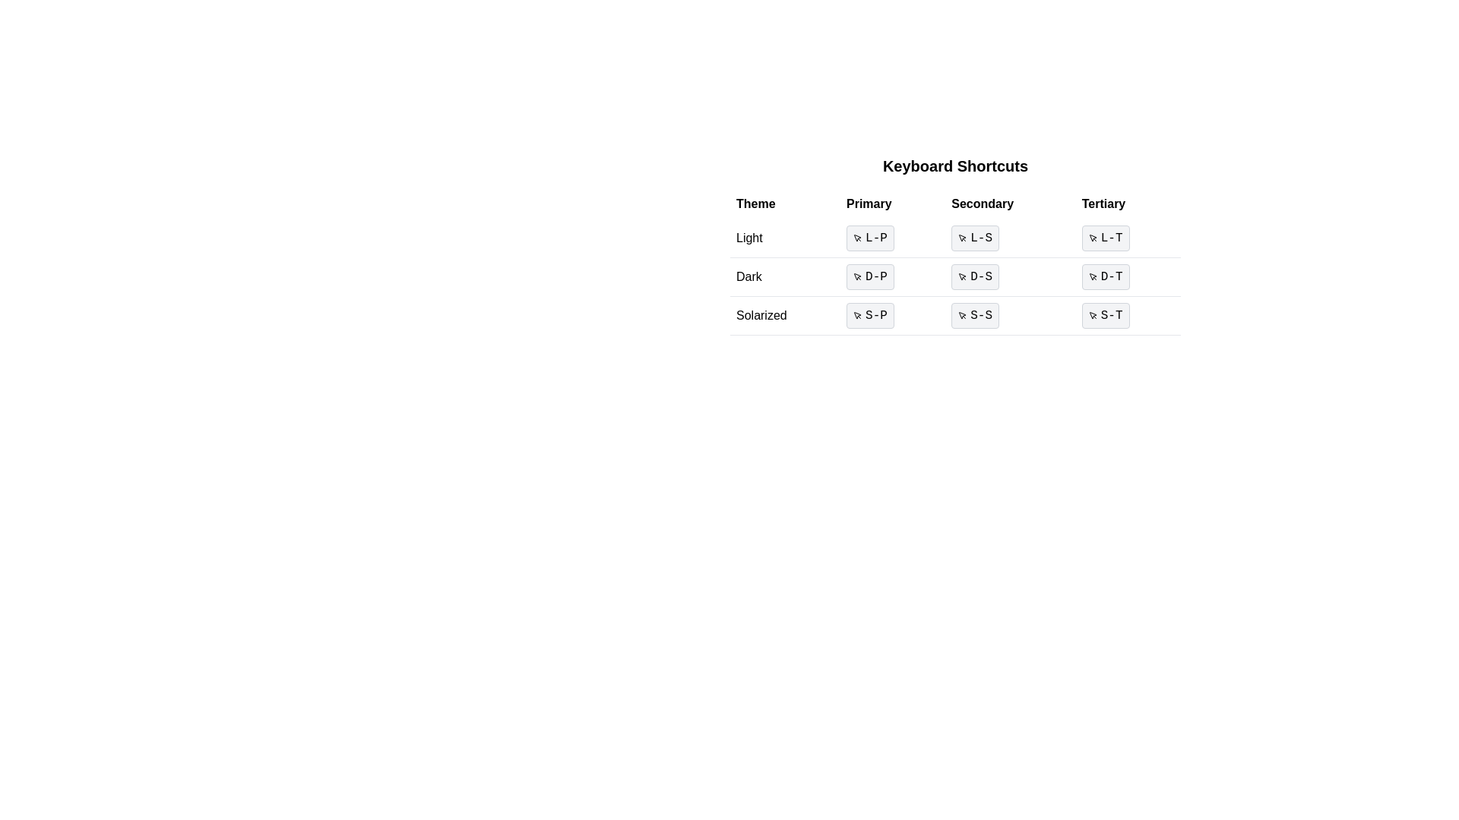 The image size is (1459, 820). Describe the element at coordinates (876, 277) in the screenshot. I see `the text label displaying 'D-P', which represents the shortcut key for the 'Dark' theme in the 'Primary' column of the keyboard shortcuts layout` at that location.